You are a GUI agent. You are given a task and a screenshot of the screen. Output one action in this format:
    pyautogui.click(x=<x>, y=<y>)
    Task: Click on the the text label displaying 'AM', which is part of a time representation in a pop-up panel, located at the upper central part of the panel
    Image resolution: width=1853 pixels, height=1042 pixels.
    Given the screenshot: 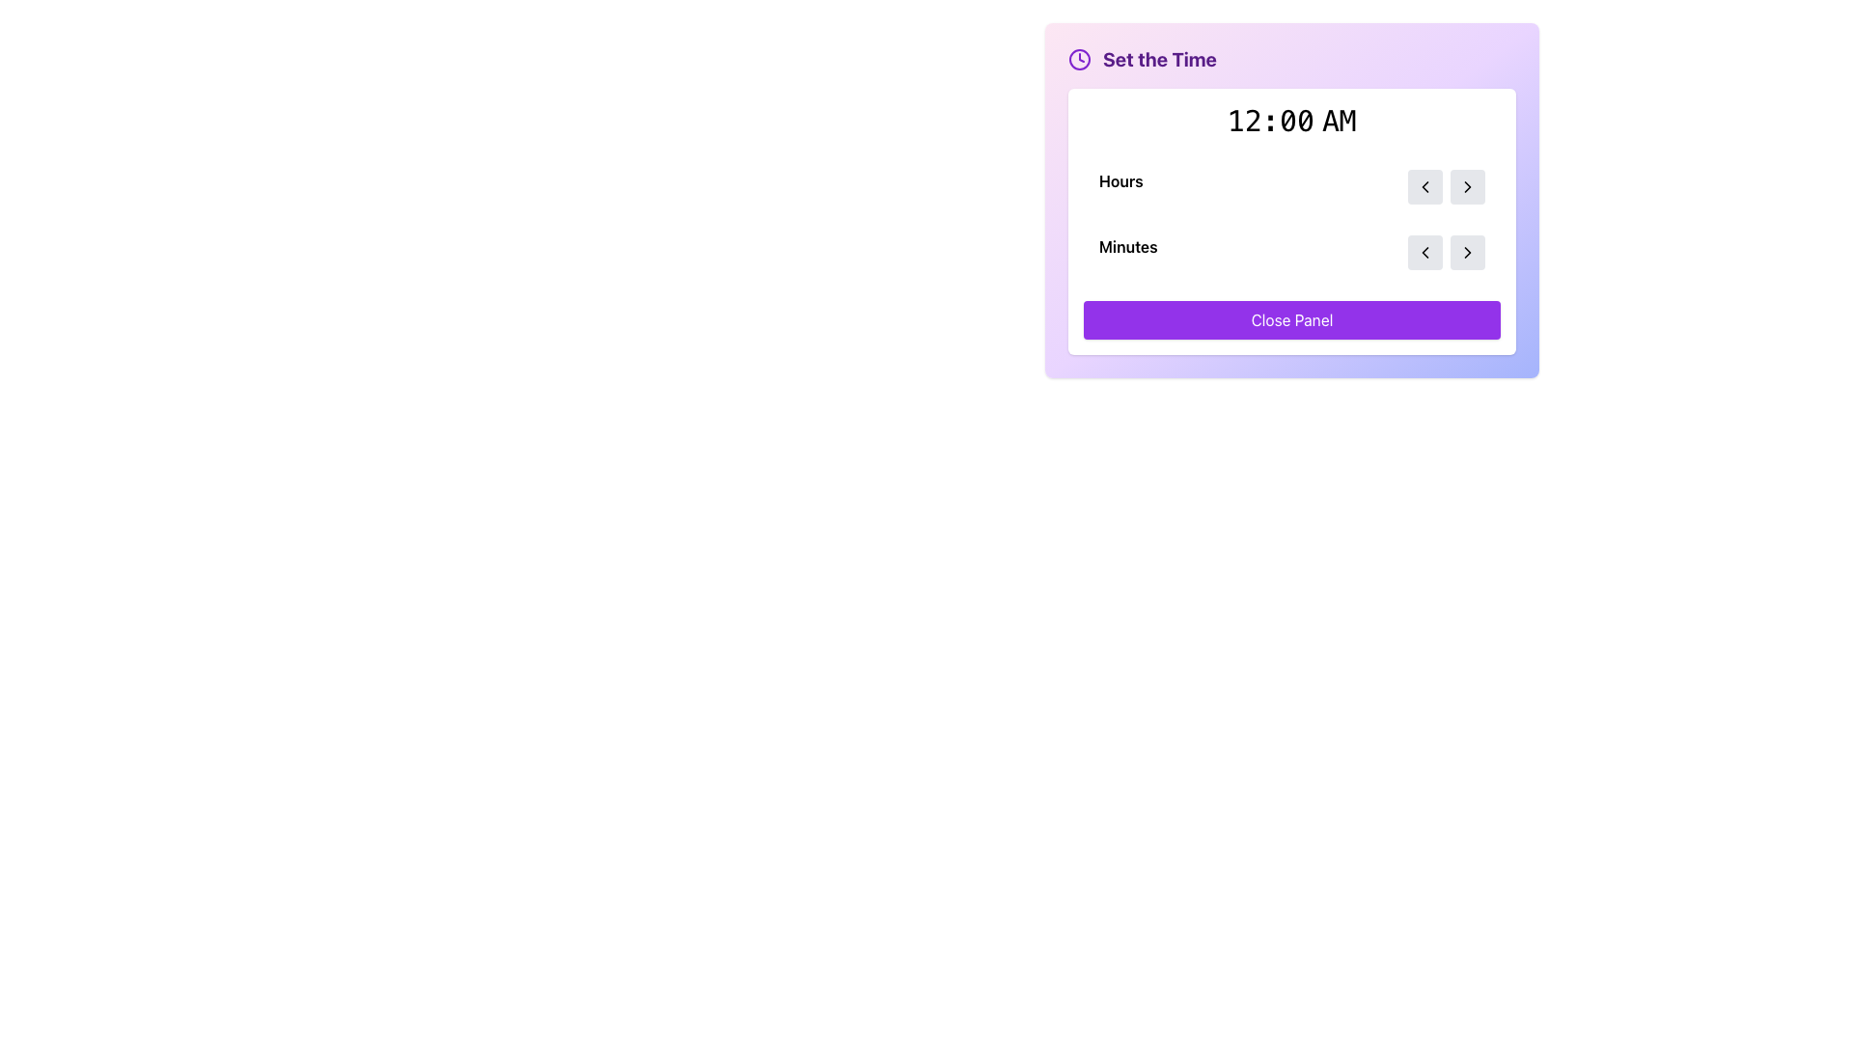 What is the action you would take?
    pyautogui.click(x=1335, y=122)
    